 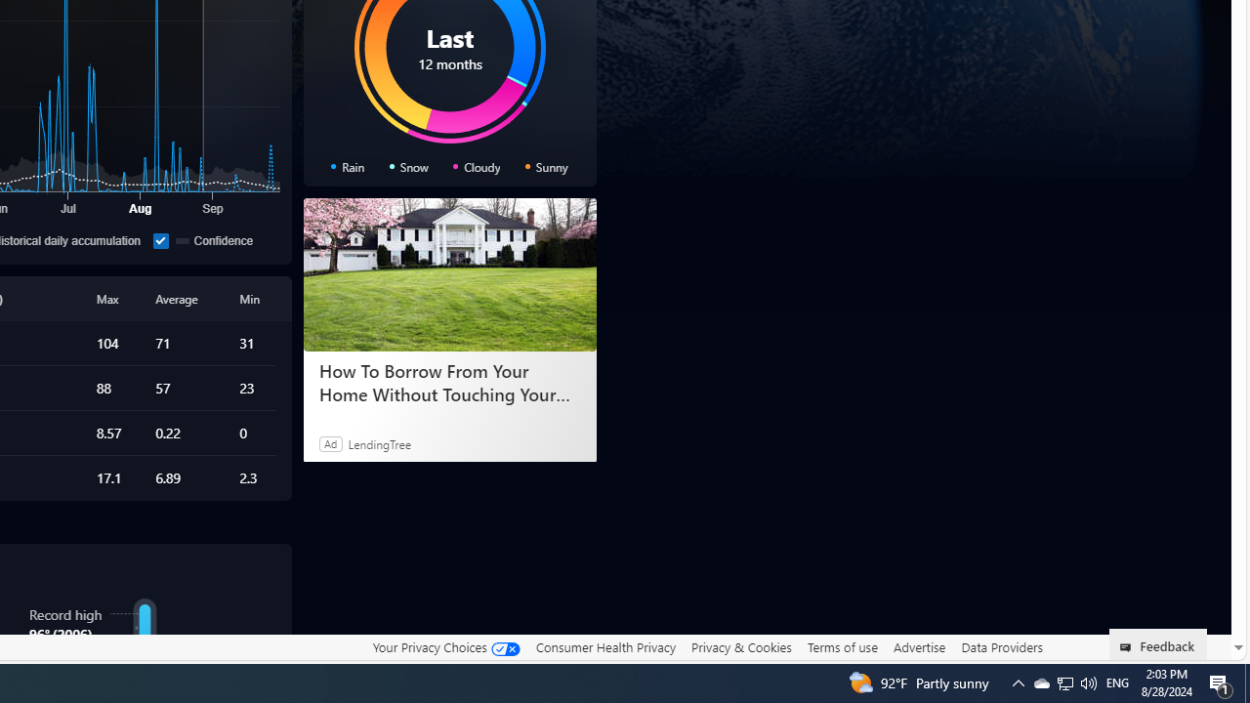 I want to click on 'Confidence', so click(x=160, y=239).